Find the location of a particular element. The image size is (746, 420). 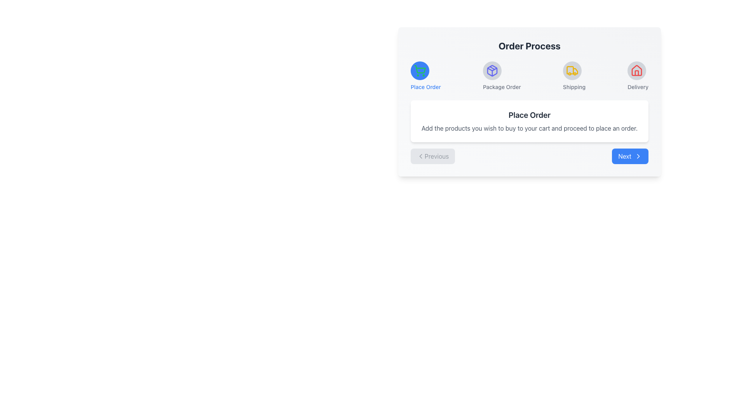

the circular button with a gray background and a red house-shaped icon, which is the fourth in a sequence of four icons above the 'Order Process' text section is located at coordinates (637, 70).